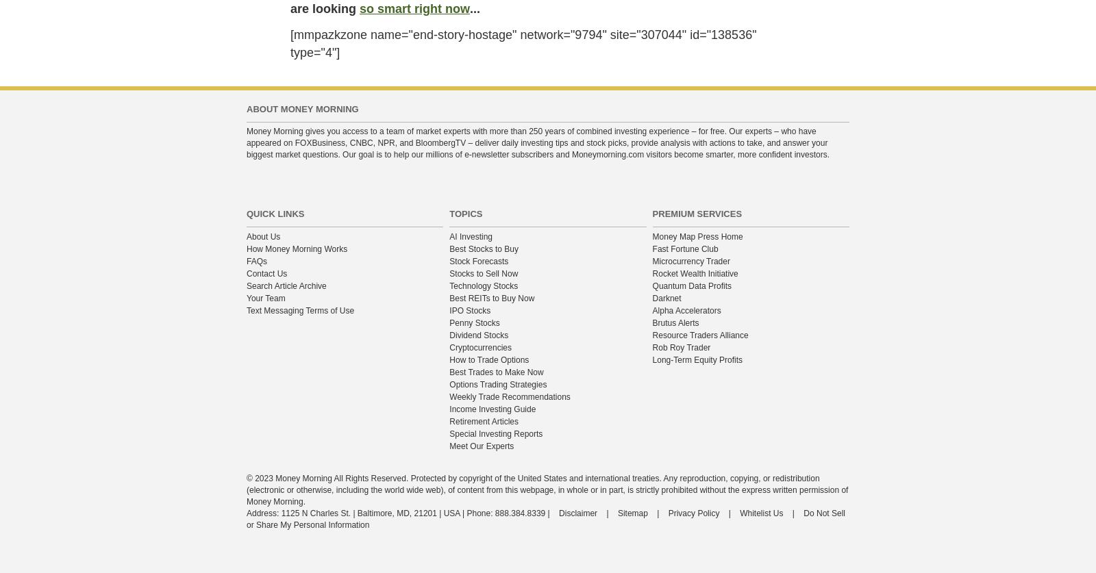 This screenshot has height=573, width=1096. Describe the element at coordinates (496, 371) in the screenshot. I see `'Best Trades to Make Now'` at that location.